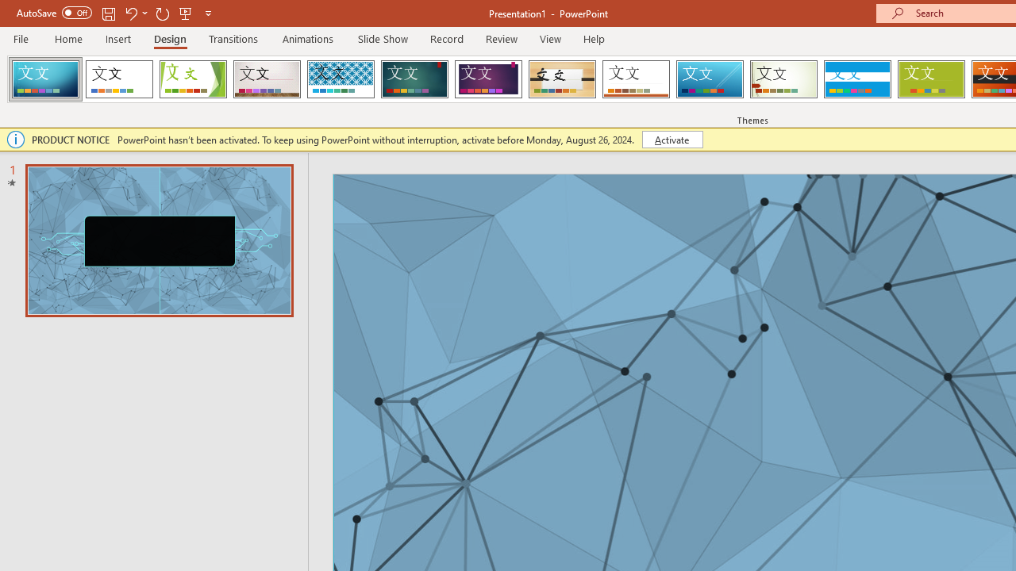  Describe the element at coordinates (856, 79) in the screenshot. I see `'Banded'` at that location.